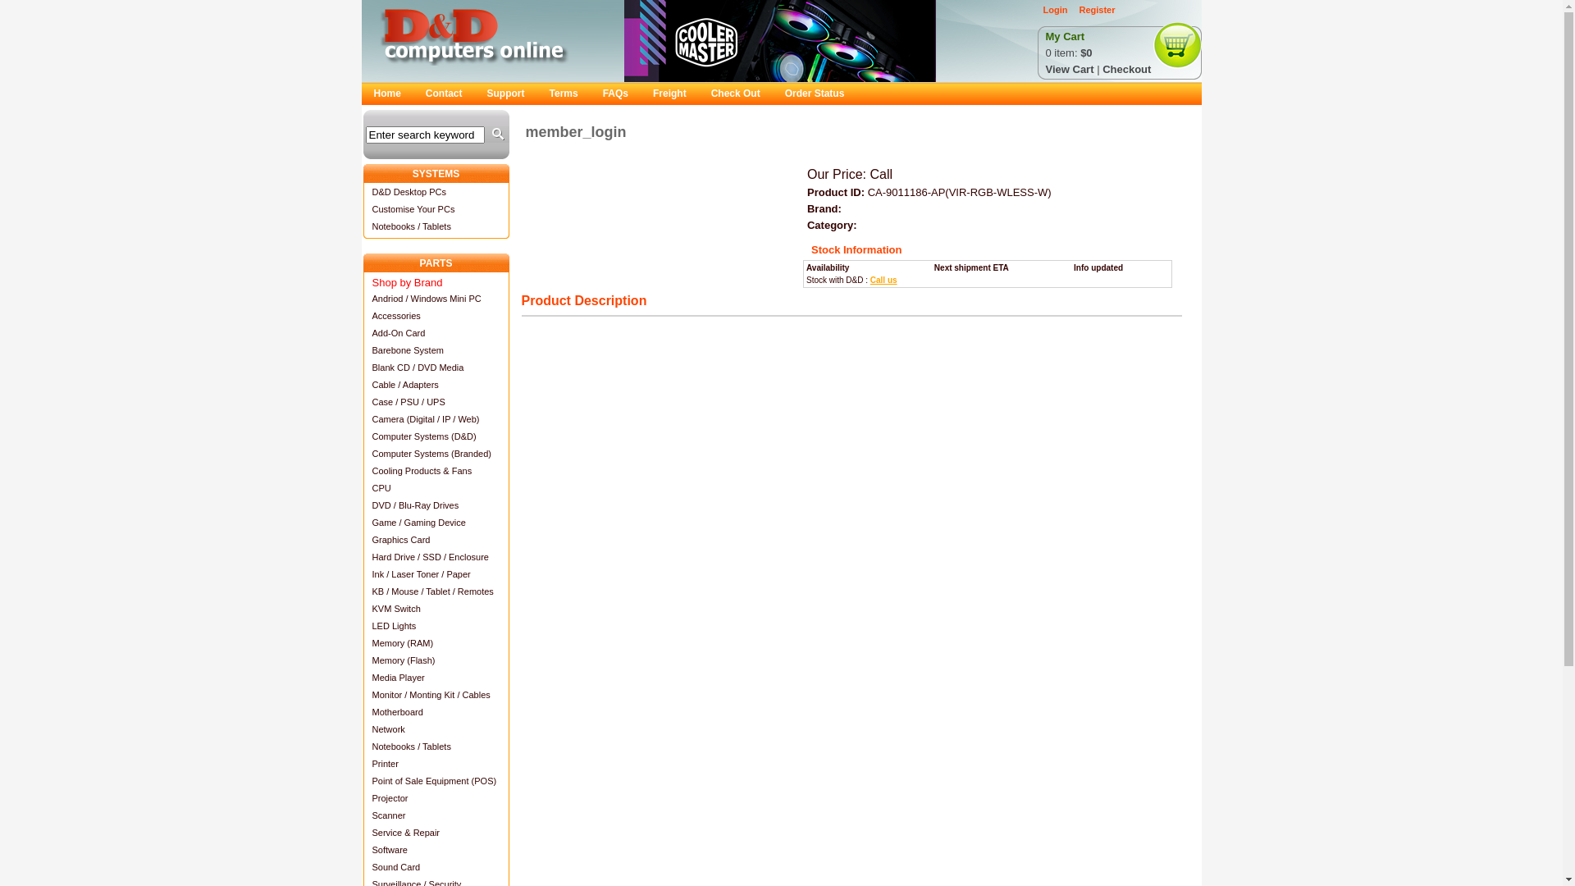  Describe the element at coordinates (564, 94) in the screenshot. I see `'Terms'` at that location.